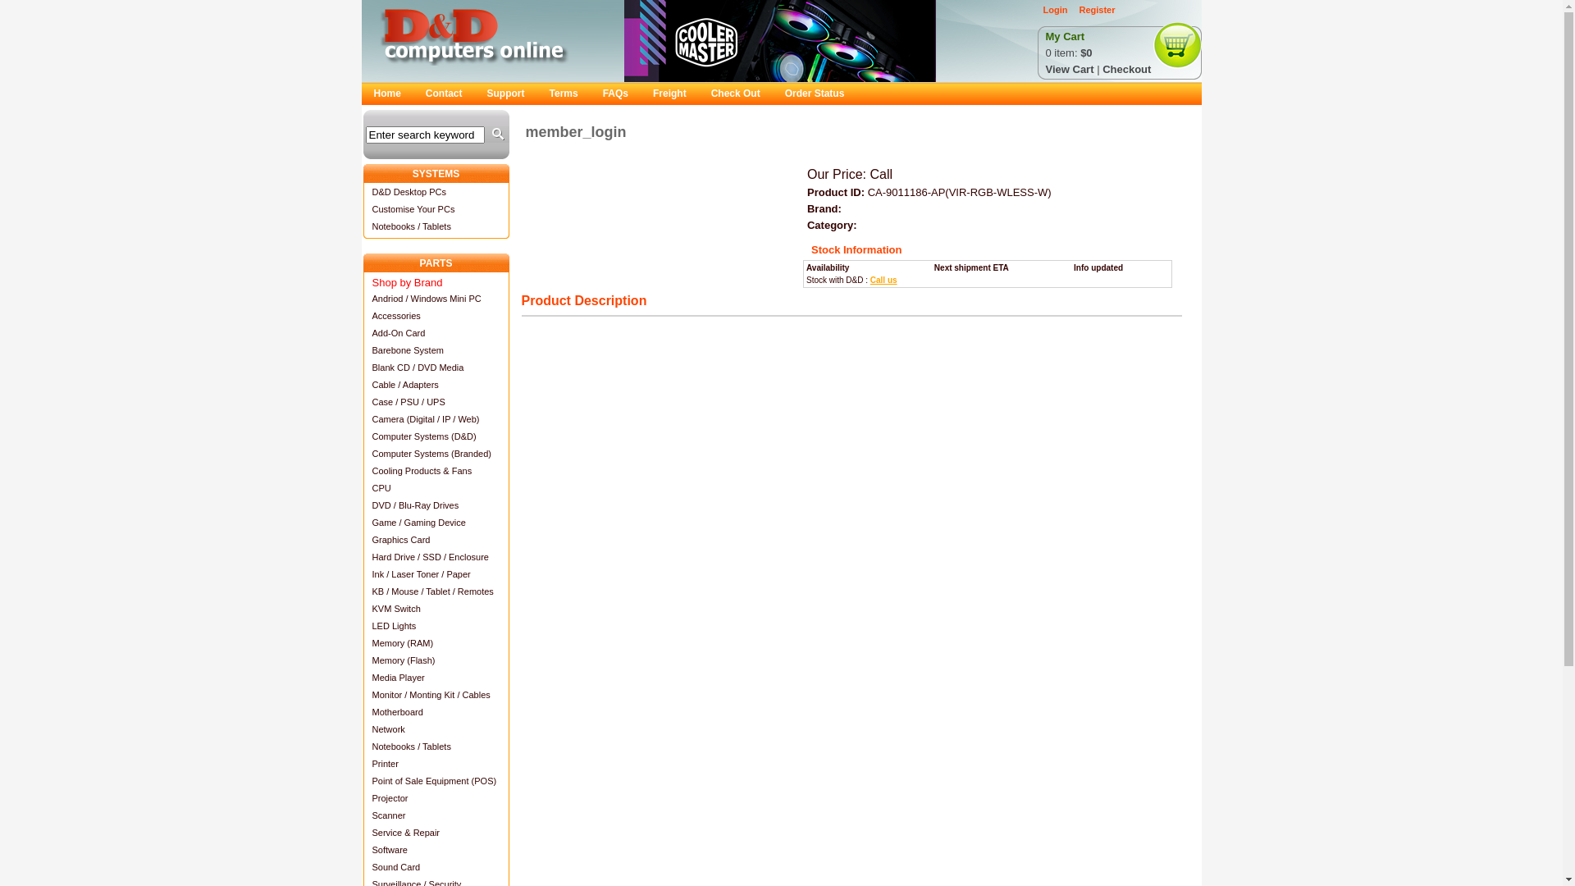  Describe the element at coordinates (564, 94) in the screenshot. I see `'Terms'` at that location.